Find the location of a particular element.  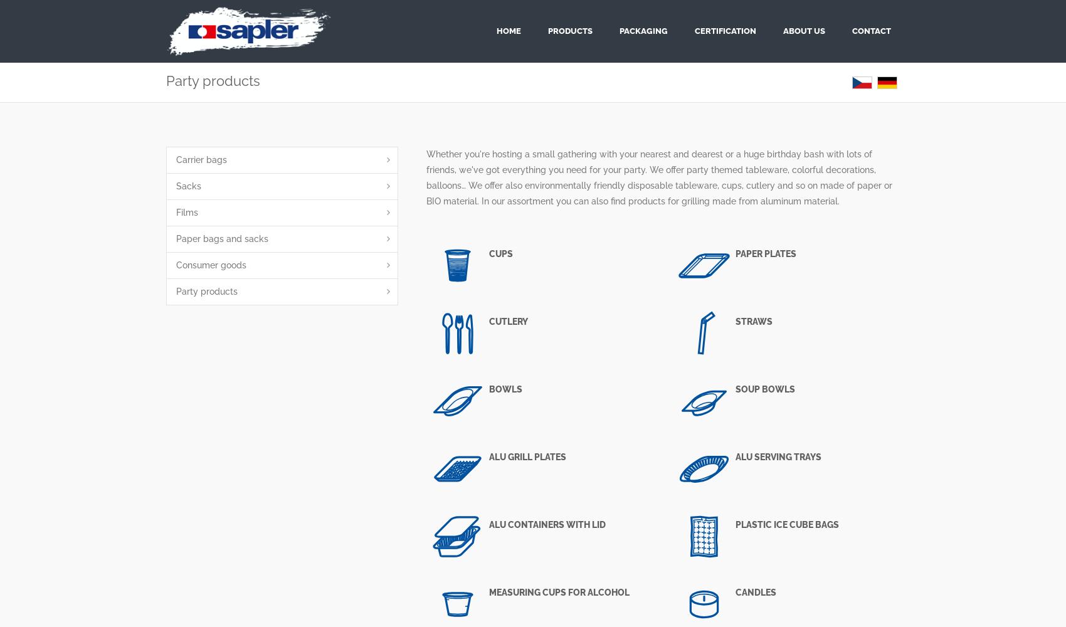

'Cutlery' is located at coordinates (488, 322).